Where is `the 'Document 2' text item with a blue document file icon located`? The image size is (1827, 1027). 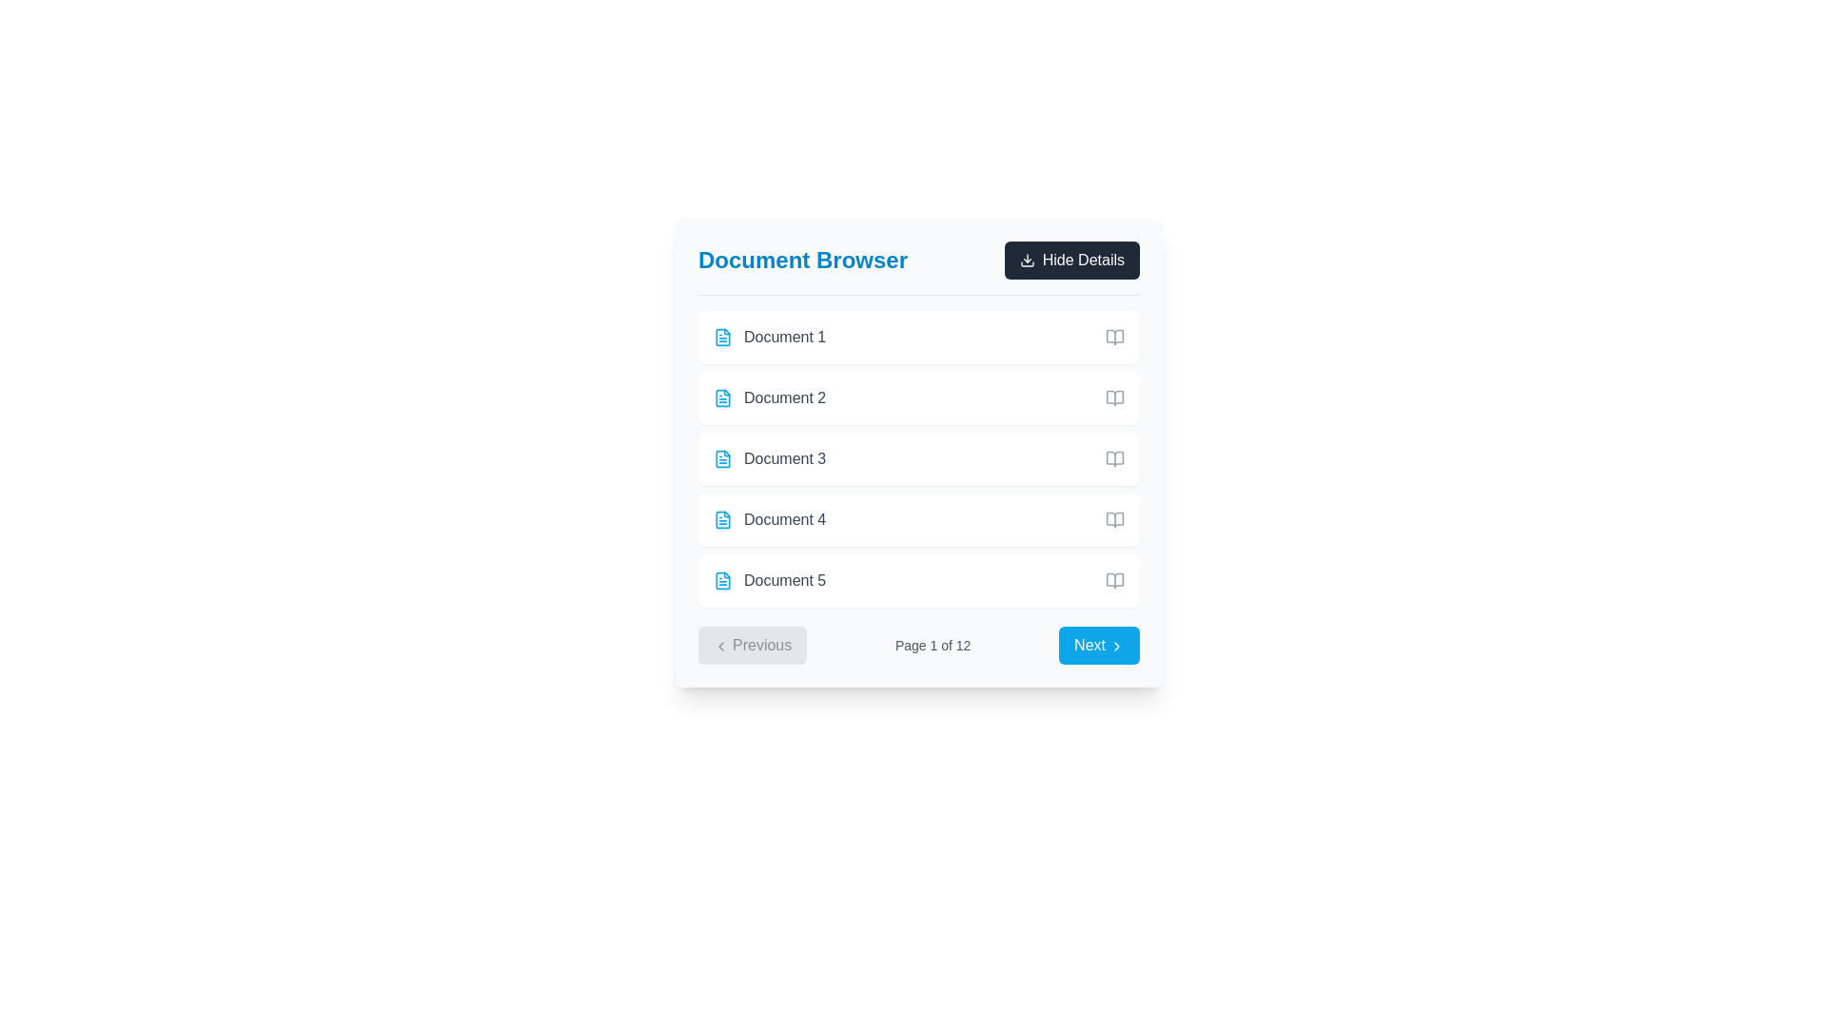 the 'Document 2' text item with a blue document file icon located is located at coordinates (770, 397).